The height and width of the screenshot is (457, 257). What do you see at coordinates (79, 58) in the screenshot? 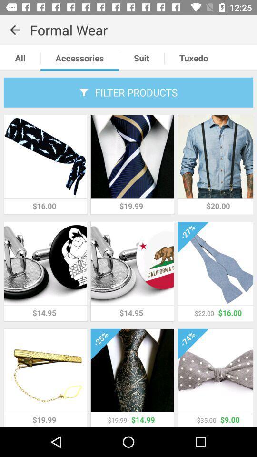
I see `the text next to all` at bounding box center [79, 58].